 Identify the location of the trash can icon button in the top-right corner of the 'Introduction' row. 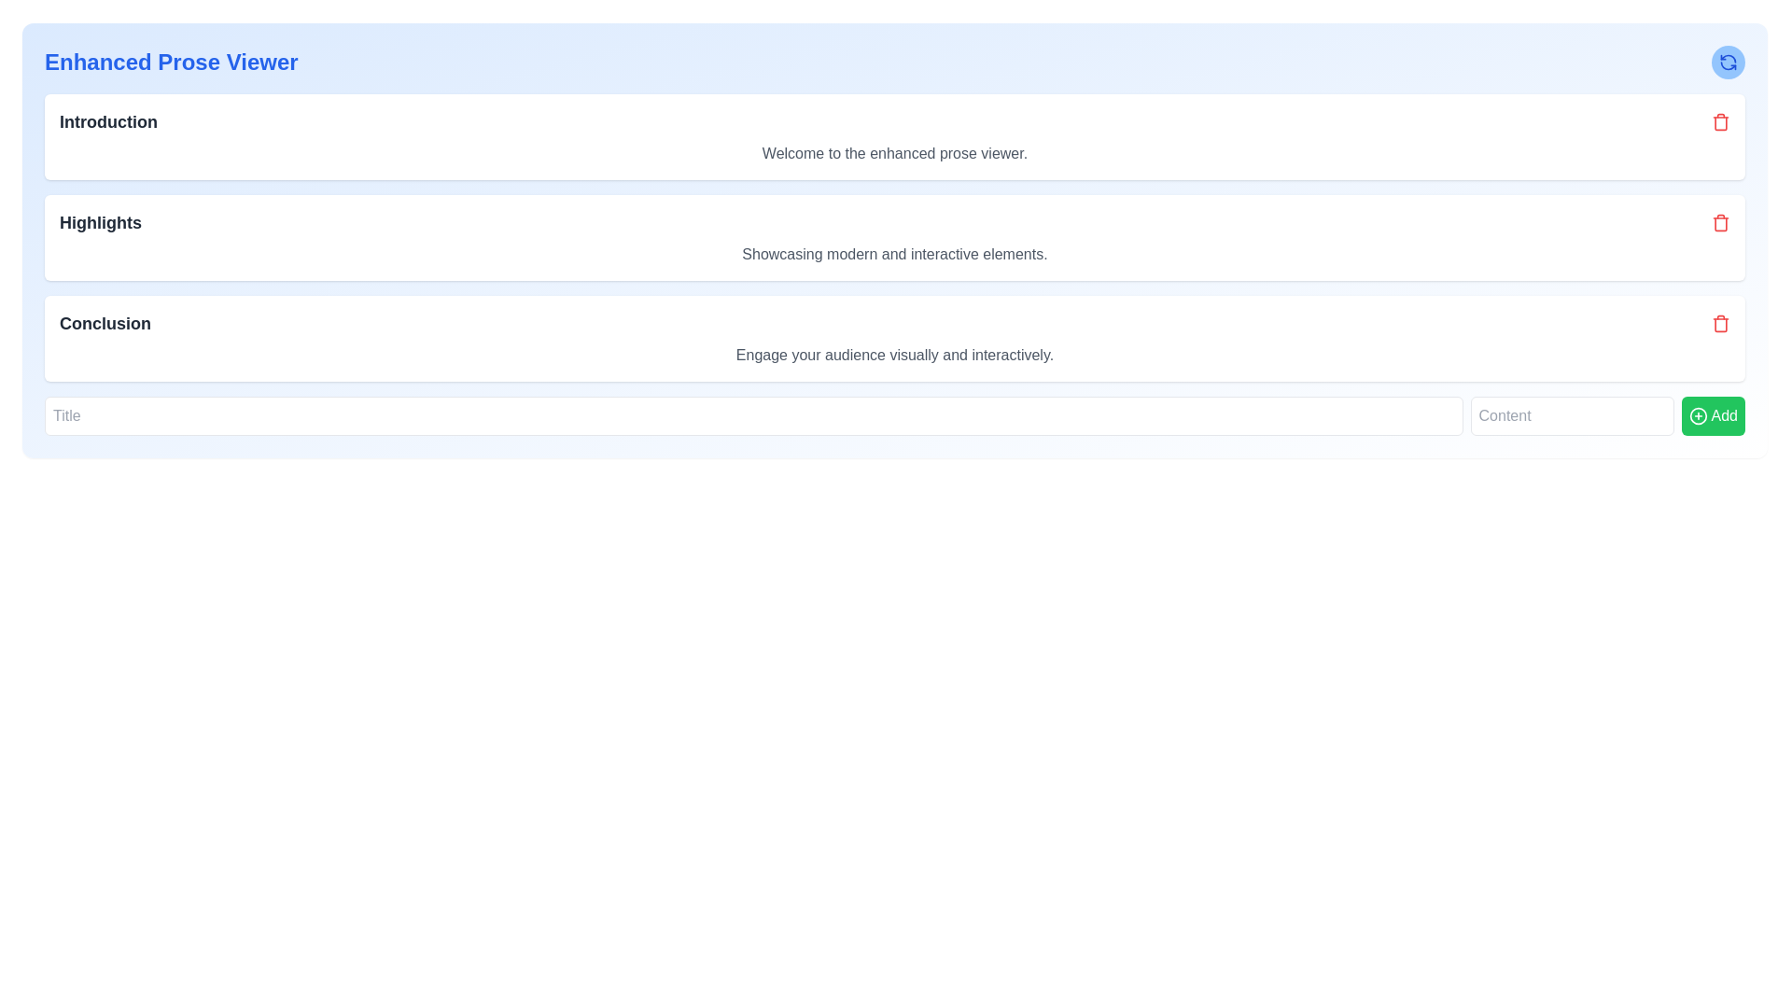
(1719, 122).